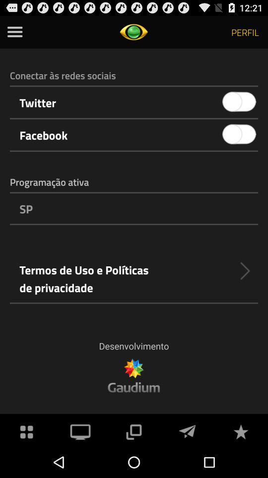 This screenshot has width=268, height=478. I want to click on app below the desenvolvimento item, so click(80, 430).